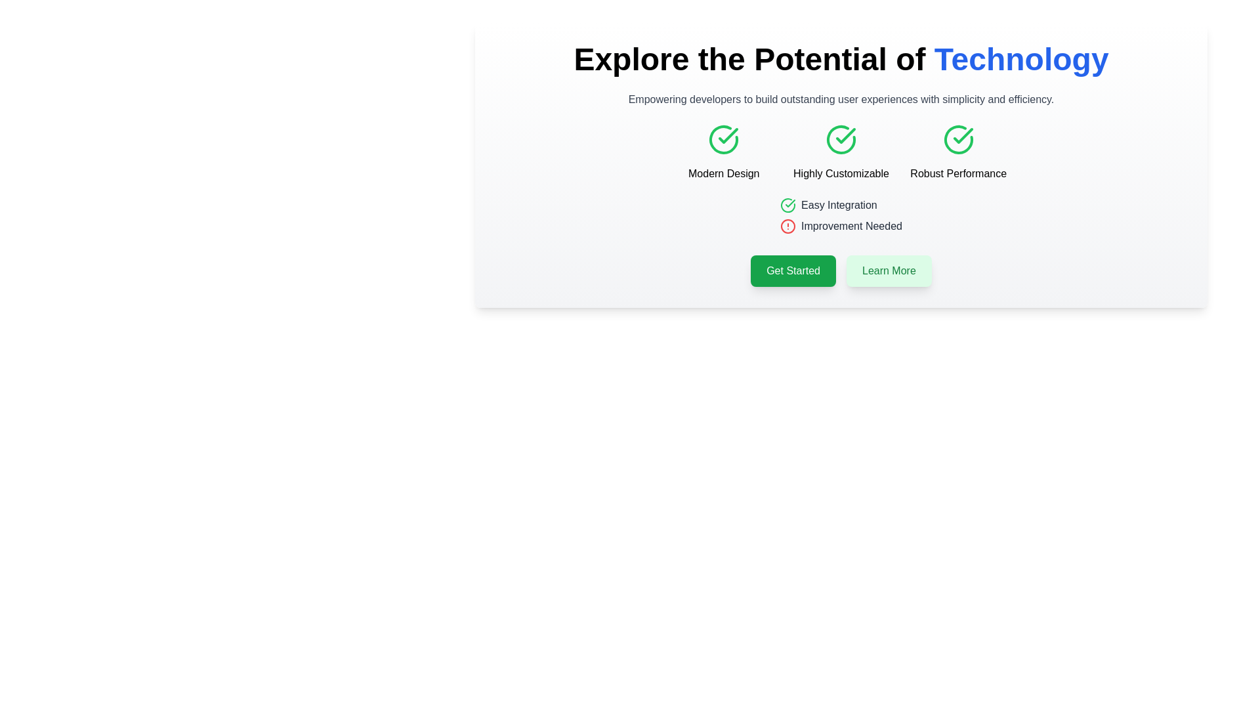 Image resolution: width=1260 pixels, height=709 pixels. What do you see at coordinates (958, 139) in the screenshot?
I see `the 'Robust Performance' icon, which visually represents the concept of reliability and quality, located above the heading text 'Robust Performance' in the third section from the left` at bounding box center [958, 139].